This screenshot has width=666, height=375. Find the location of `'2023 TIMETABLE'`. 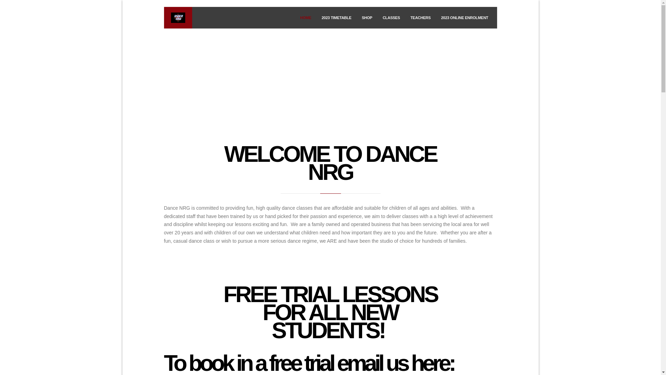

'2023 TIMETABLE' is located at coordinates (336, 17).